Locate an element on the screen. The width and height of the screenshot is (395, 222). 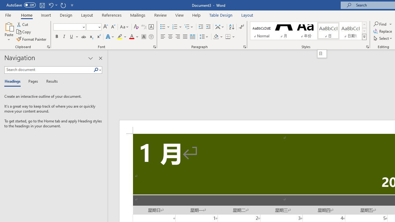
'Font Color' is located at coordinates (134, 37).